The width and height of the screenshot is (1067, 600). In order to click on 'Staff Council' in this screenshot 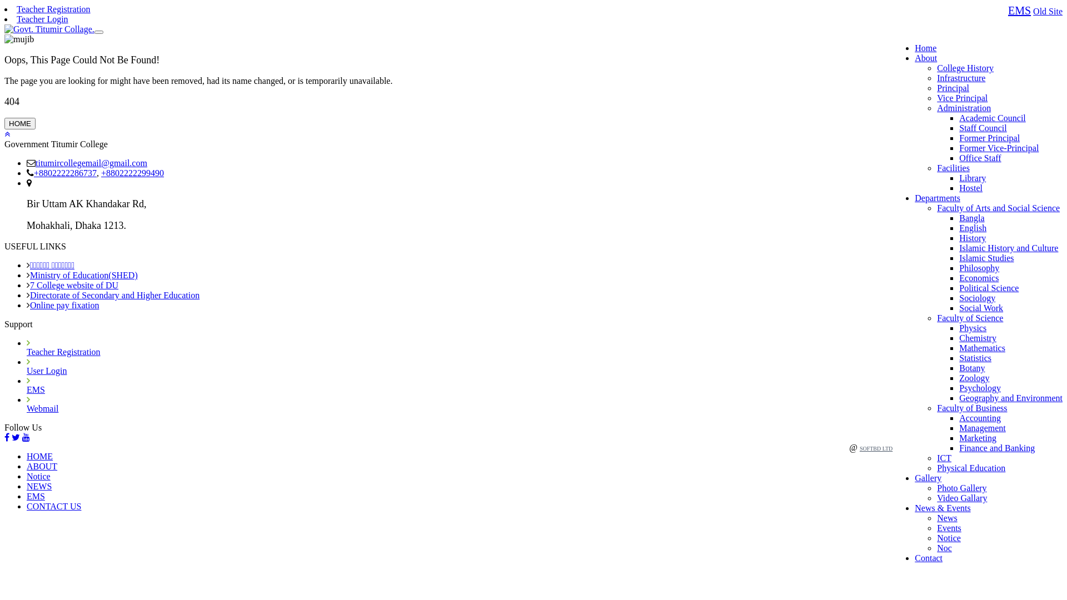, I will do `click(983, 127)`.